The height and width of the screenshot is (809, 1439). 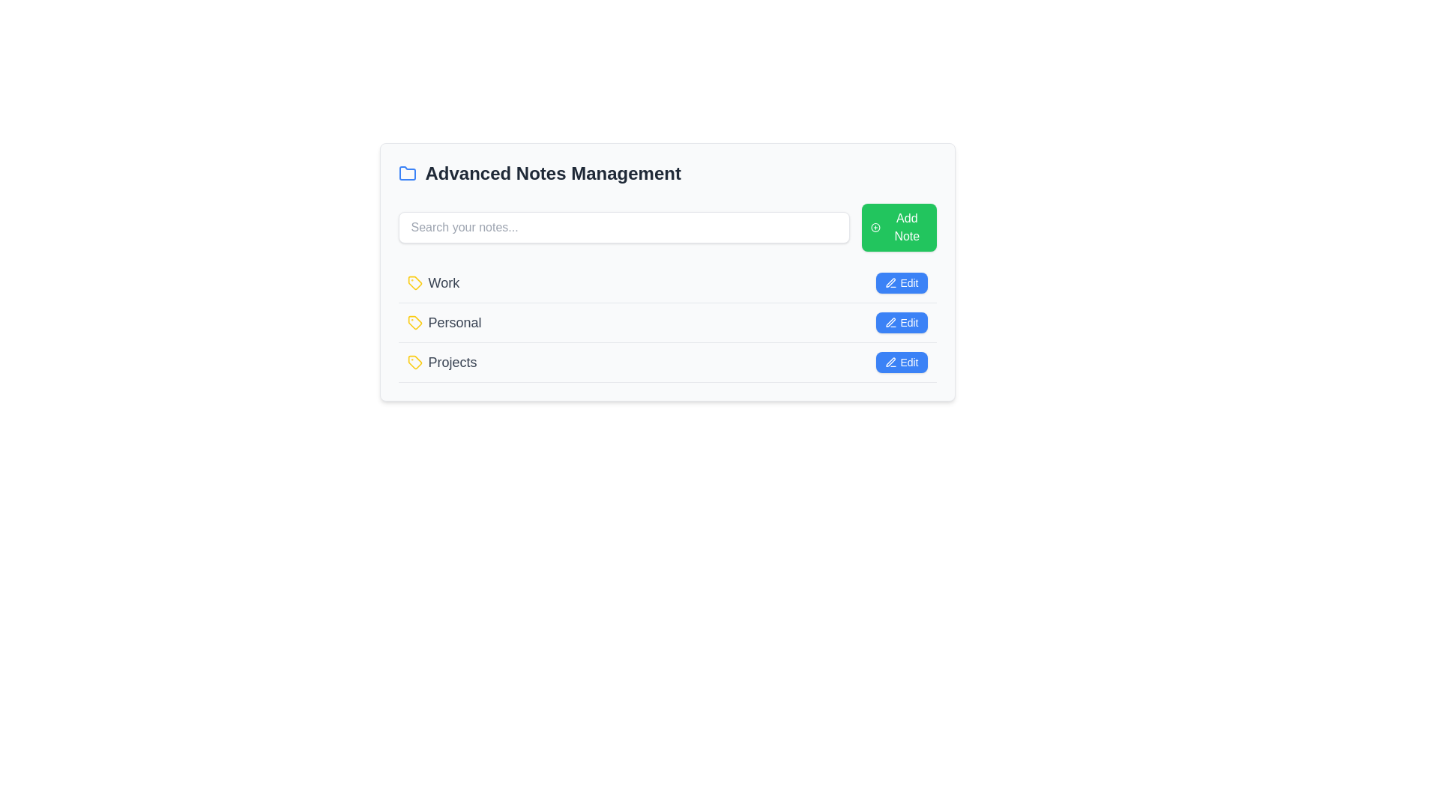 I want to click on the 'Projects' List Item with Button, so click(x=666, y=363).